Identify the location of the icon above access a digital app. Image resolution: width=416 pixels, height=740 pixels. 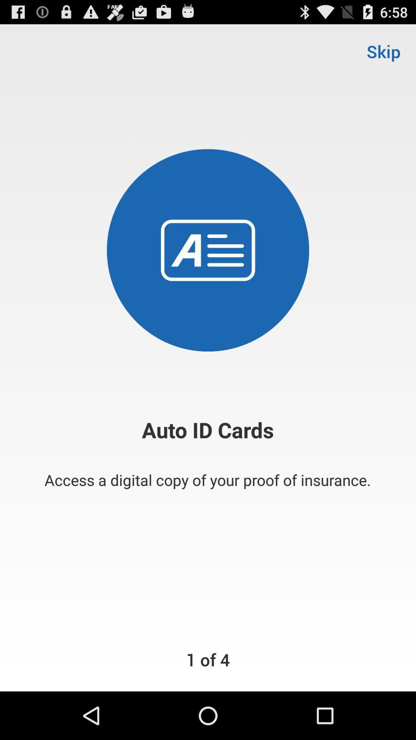
(383, 51).